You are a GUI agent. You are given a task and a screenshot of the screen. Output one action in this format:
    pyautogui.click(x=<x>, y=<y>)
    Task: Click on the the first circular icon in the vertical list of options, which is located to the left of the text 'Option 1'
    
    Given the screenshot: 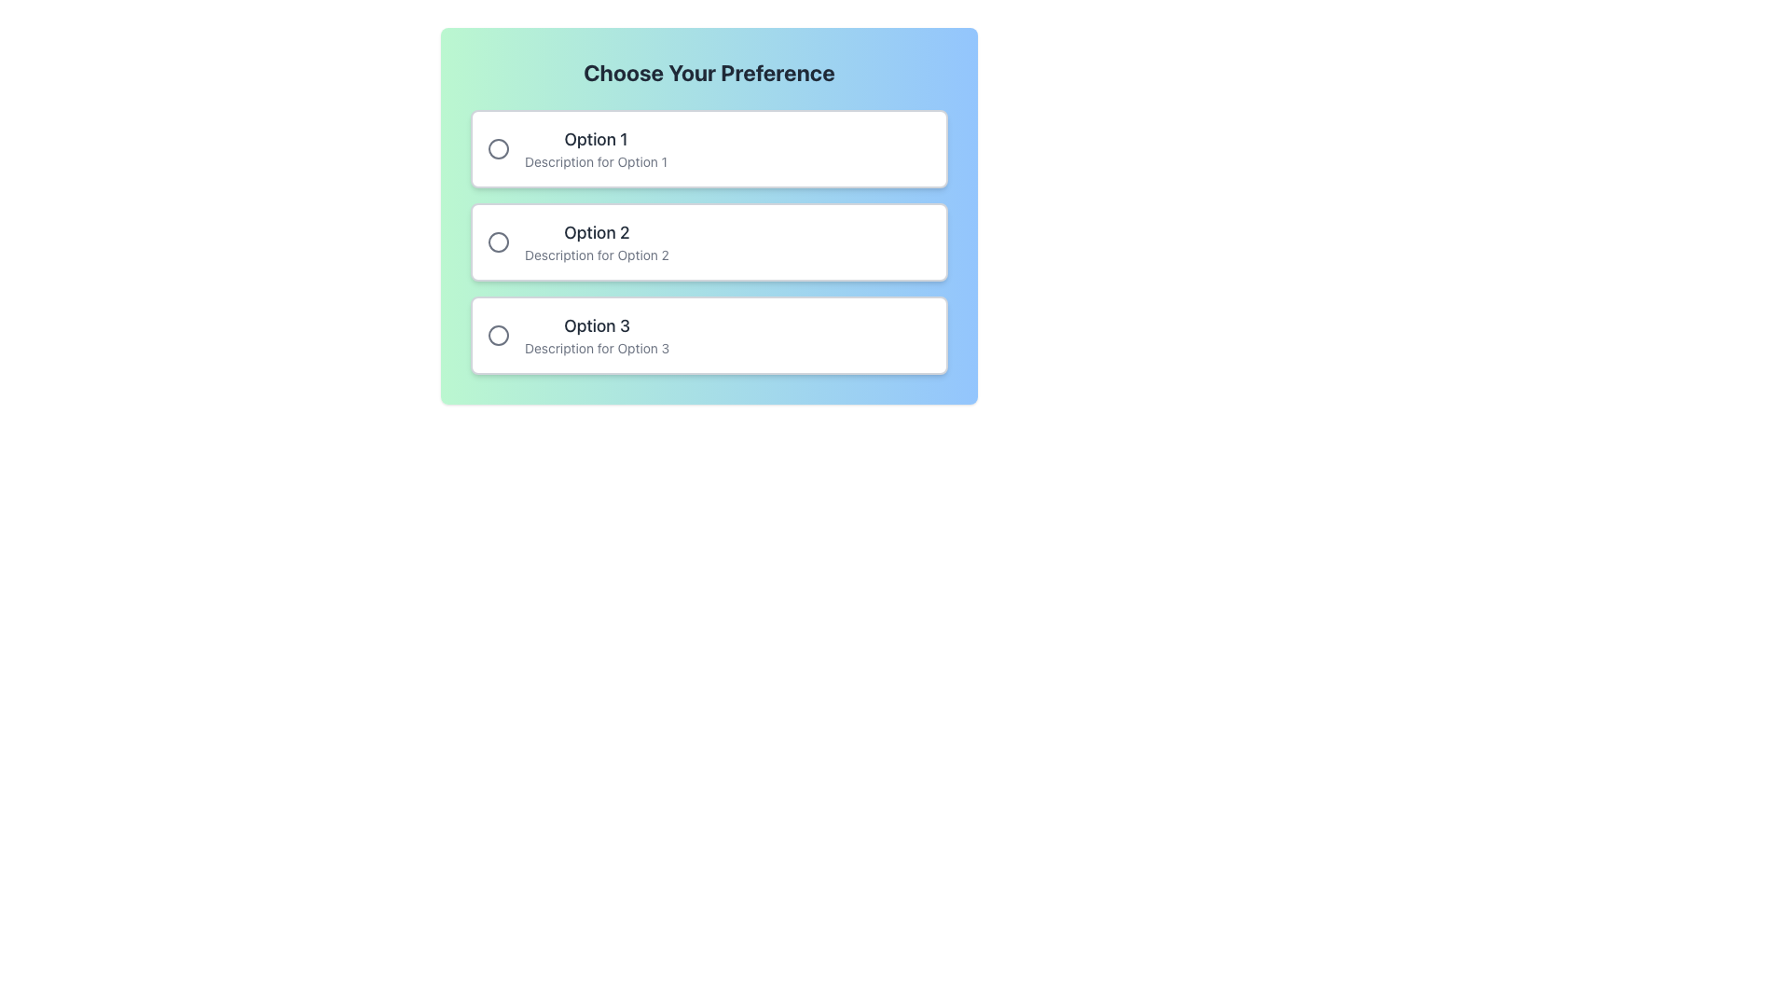 What is the action you would take?
    pyautogui.click(x=498, y=147)
    